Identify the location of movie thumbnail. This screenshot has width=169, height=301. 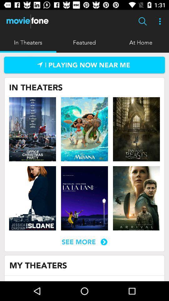
(136, 129).